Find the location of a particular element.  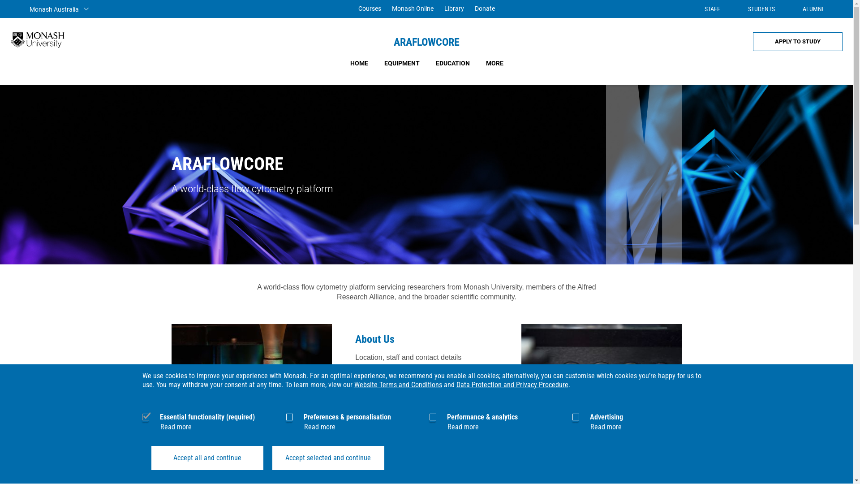

'Library' is located at coordinates (454, 9).